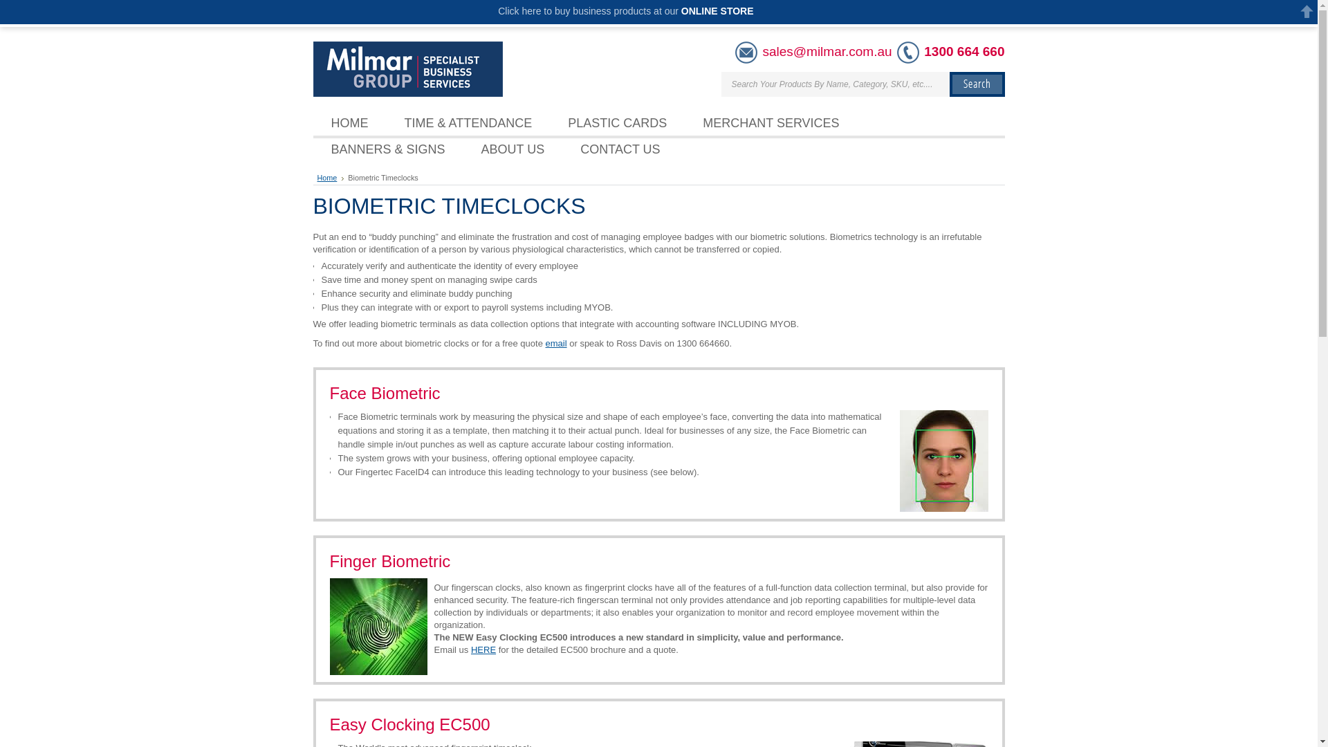  Describe the element at coordinates (827, 50) in the screenshot. I see `'sales@milmar.com.au'` at that location.